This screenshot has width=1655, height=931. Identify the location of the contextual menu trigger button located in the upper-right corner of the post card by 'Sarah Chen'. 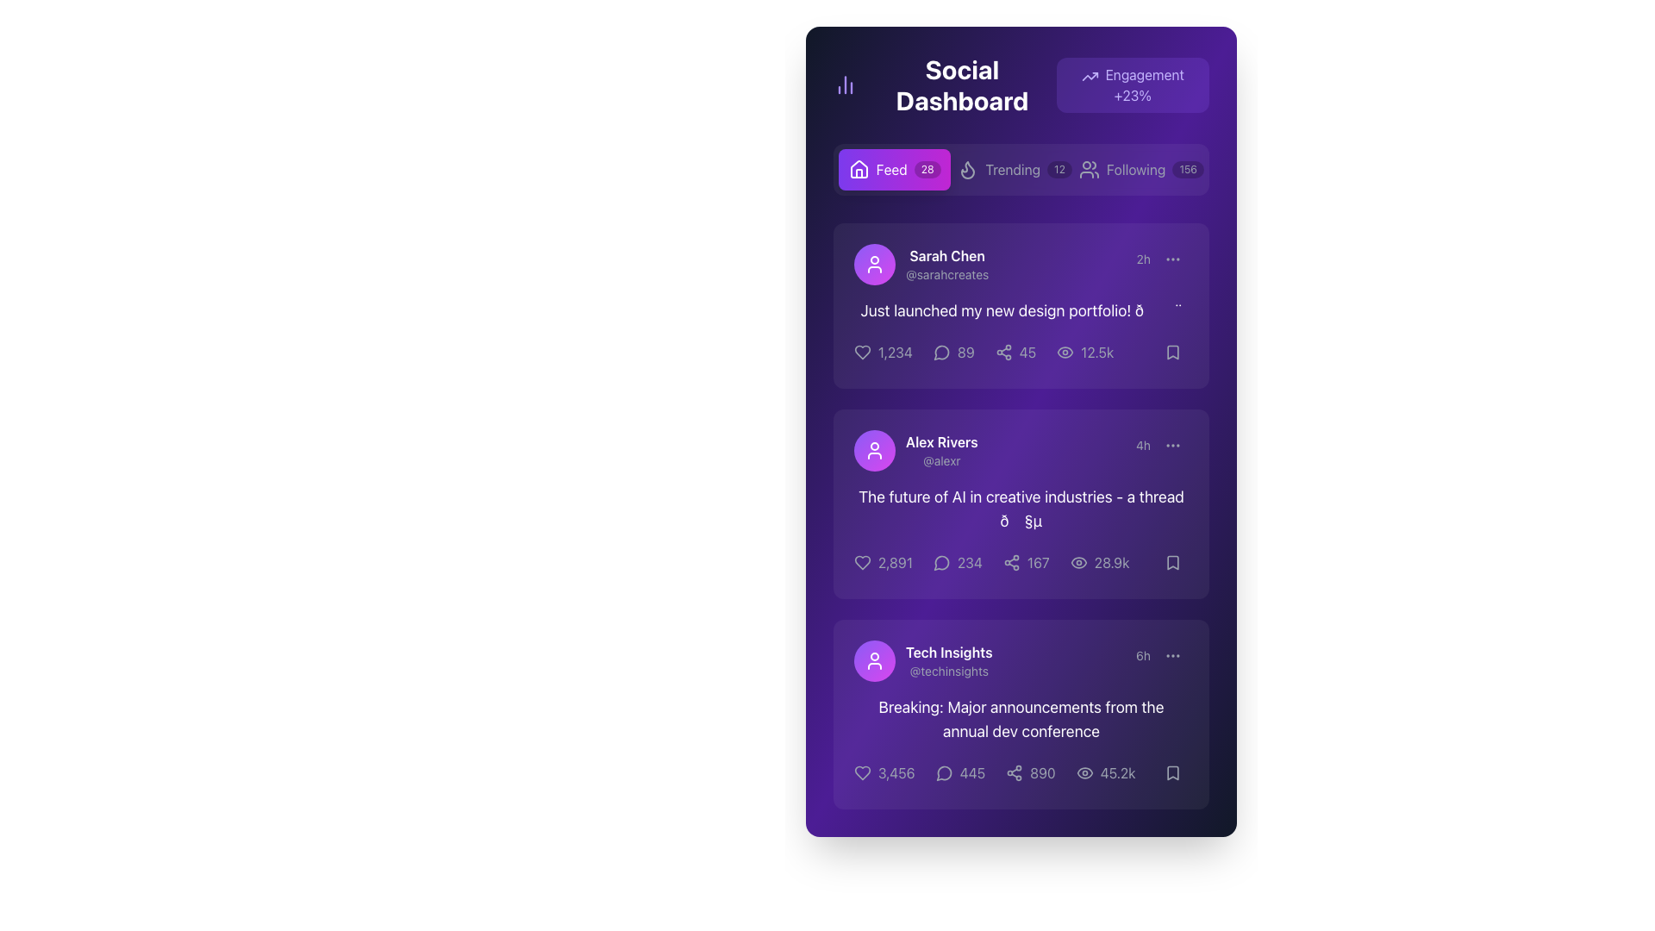
(1172, 259).